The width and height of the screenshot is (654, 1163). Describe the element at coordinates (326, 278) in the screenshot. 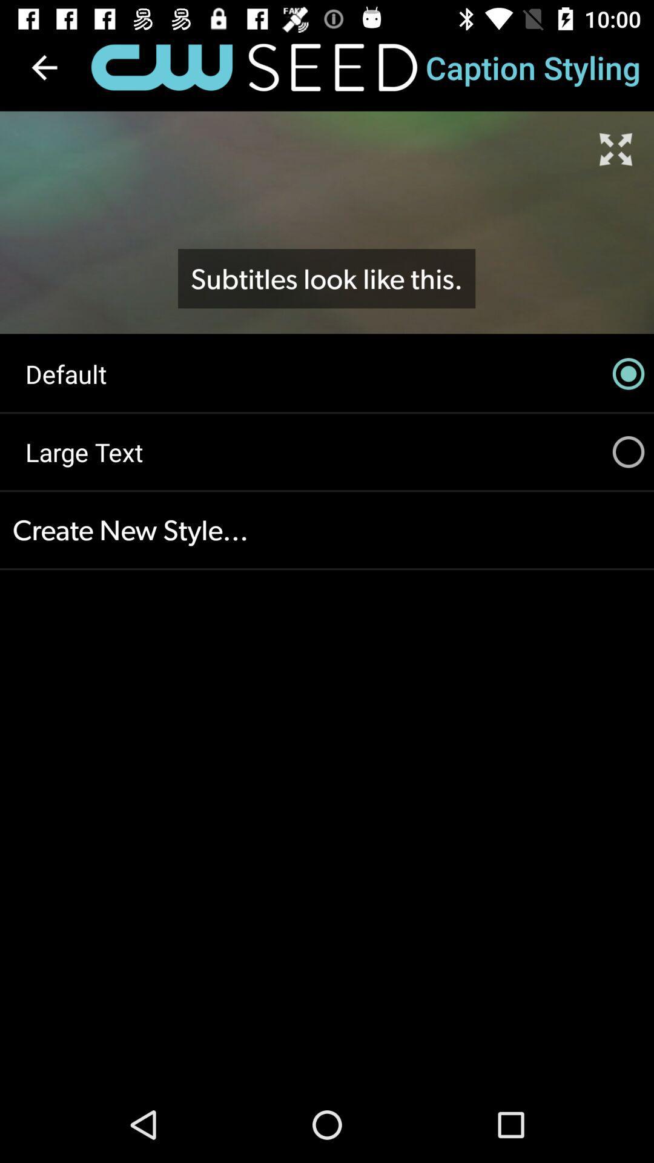

I see `item above the default icon` at that location.